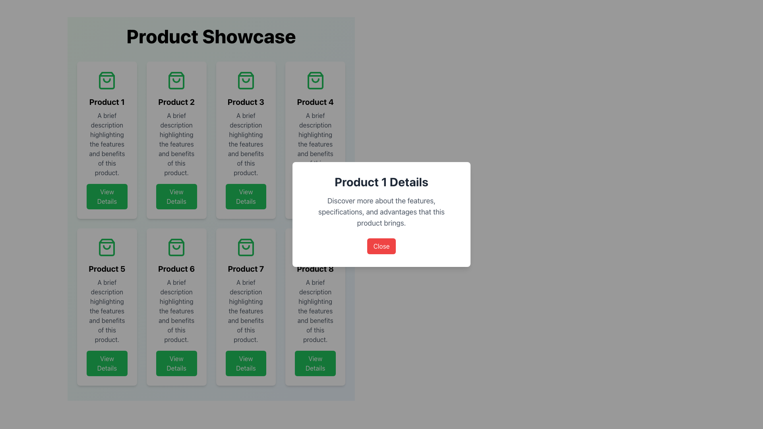  I want to click on the decorative arc element within the shopping bag icon, which serves as the logo for the 'Product 3' card on the 'Product Showcase' page, so click(245, 81).